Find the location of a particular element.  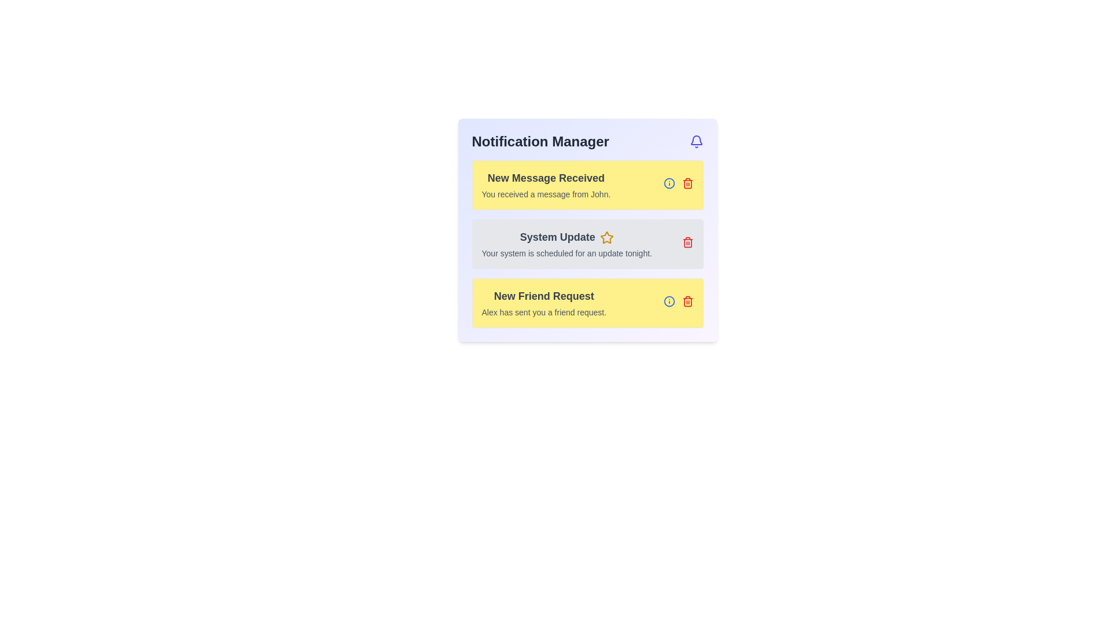

the third notification item styled with a yellow background and rounded corners that displays 'New Friend Request' is located at coordinates (587, 303).